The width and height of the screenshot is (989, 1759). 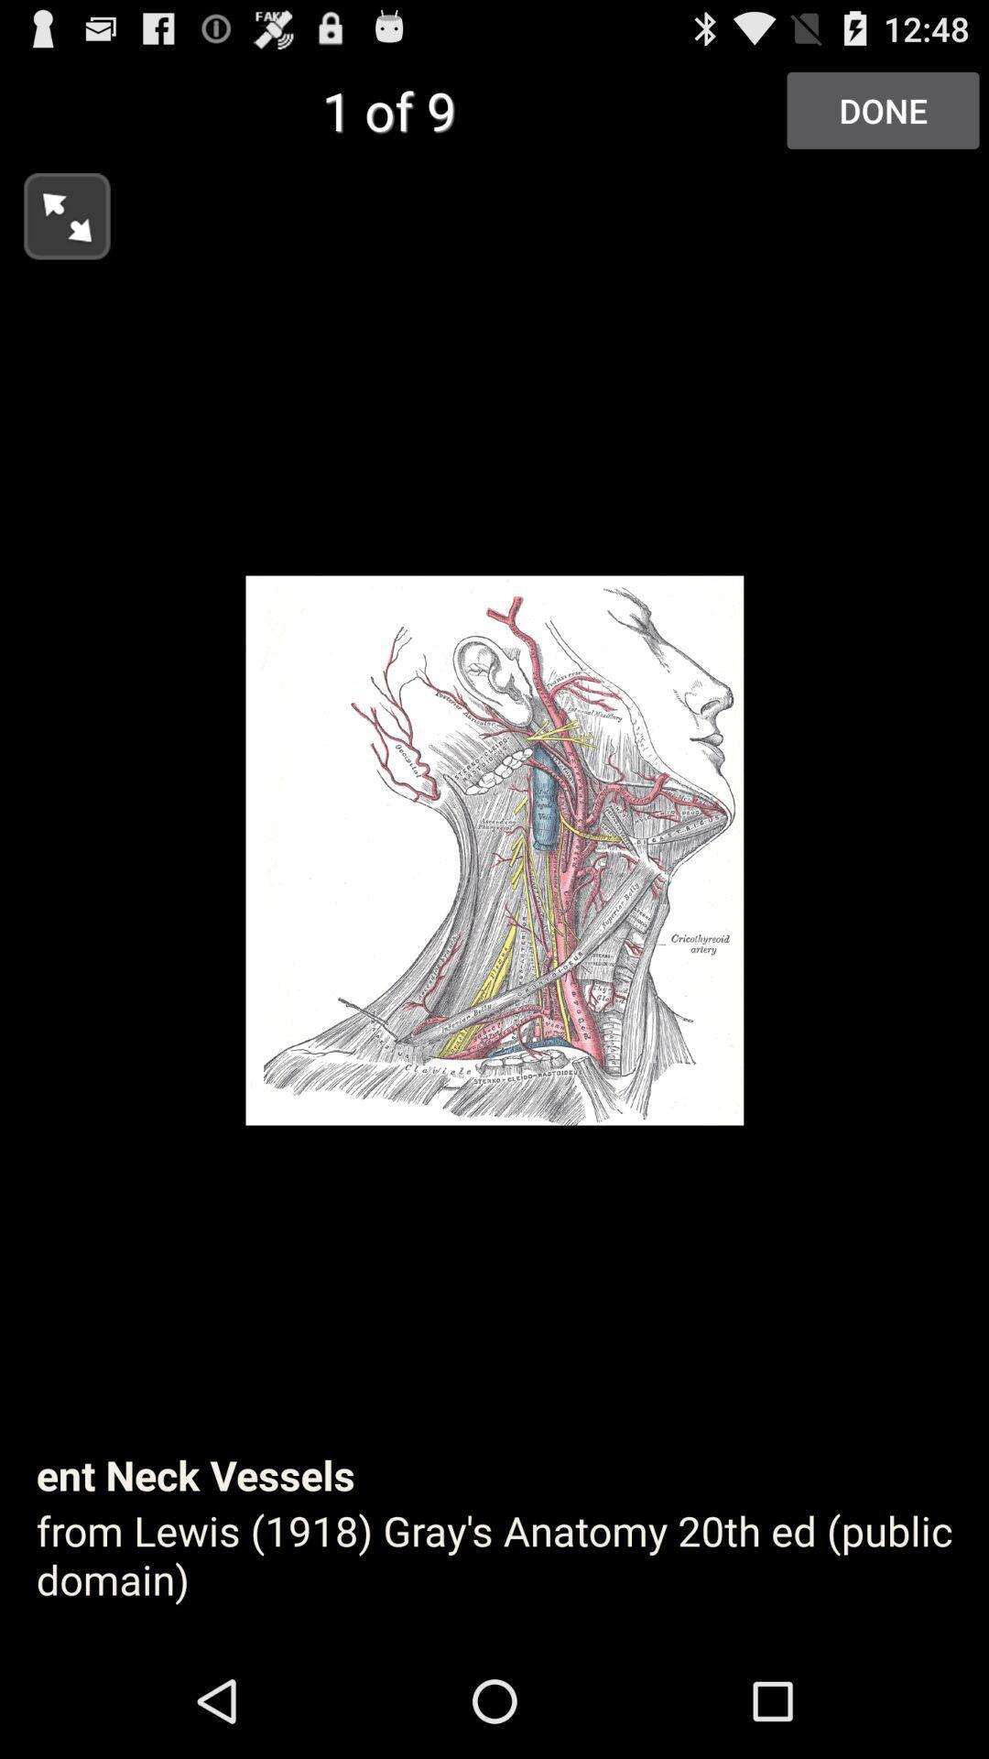 I want to click on item to the right of the 1 of 9 icon, so click(x=882, y=109).